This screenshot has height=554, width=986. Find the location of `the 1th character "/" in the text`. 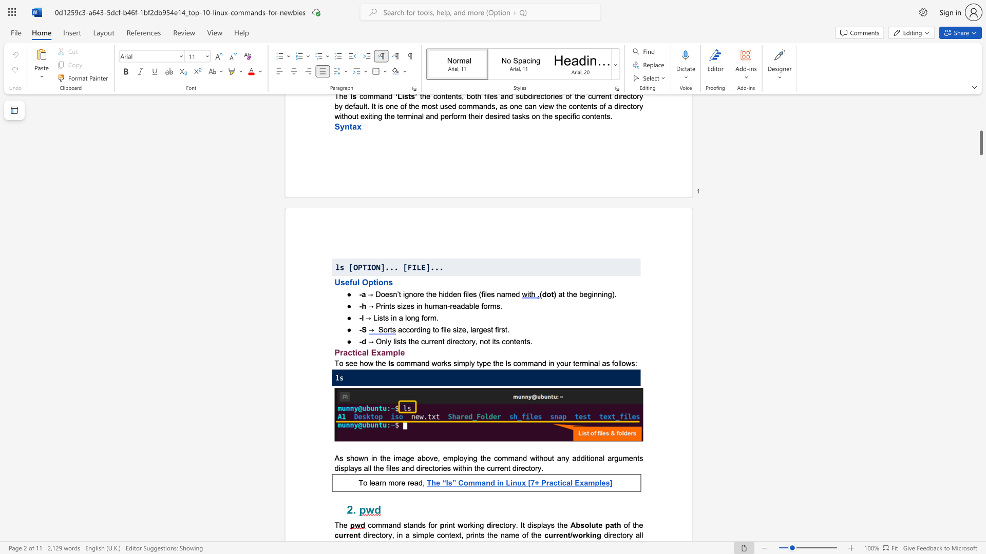

the 1th character "/" in the text is located at coordinates (571, 535).